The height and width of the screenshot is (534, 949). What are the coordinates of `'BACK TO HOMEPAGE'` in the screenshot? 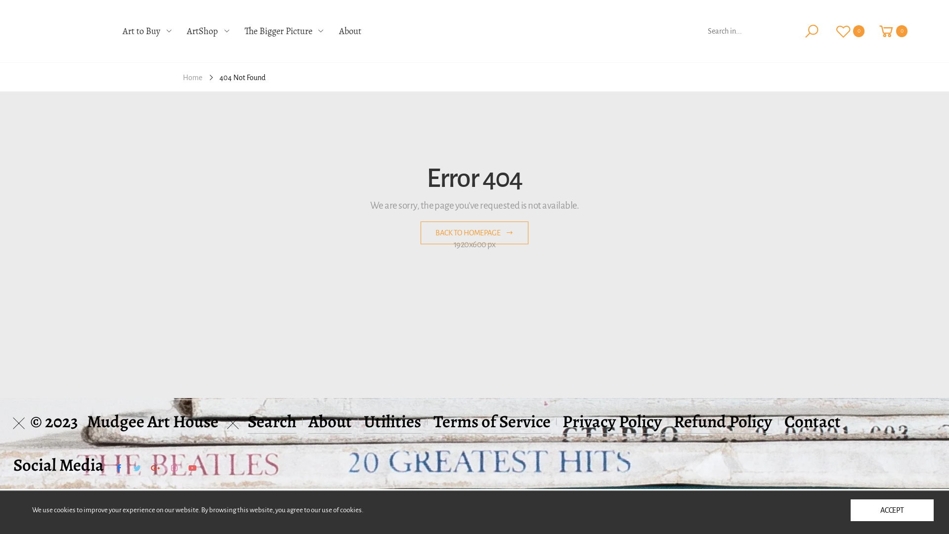 It's located at (474, 232).